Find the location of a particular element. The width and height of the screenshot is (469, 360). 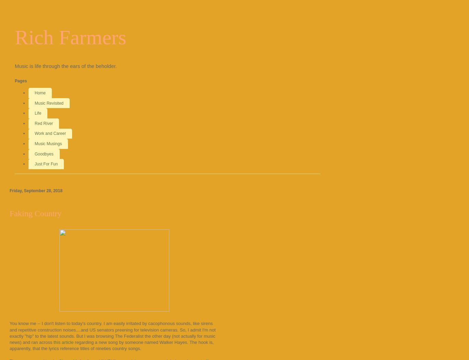

'Rich Farmers' is located at coordinates (70, 37).